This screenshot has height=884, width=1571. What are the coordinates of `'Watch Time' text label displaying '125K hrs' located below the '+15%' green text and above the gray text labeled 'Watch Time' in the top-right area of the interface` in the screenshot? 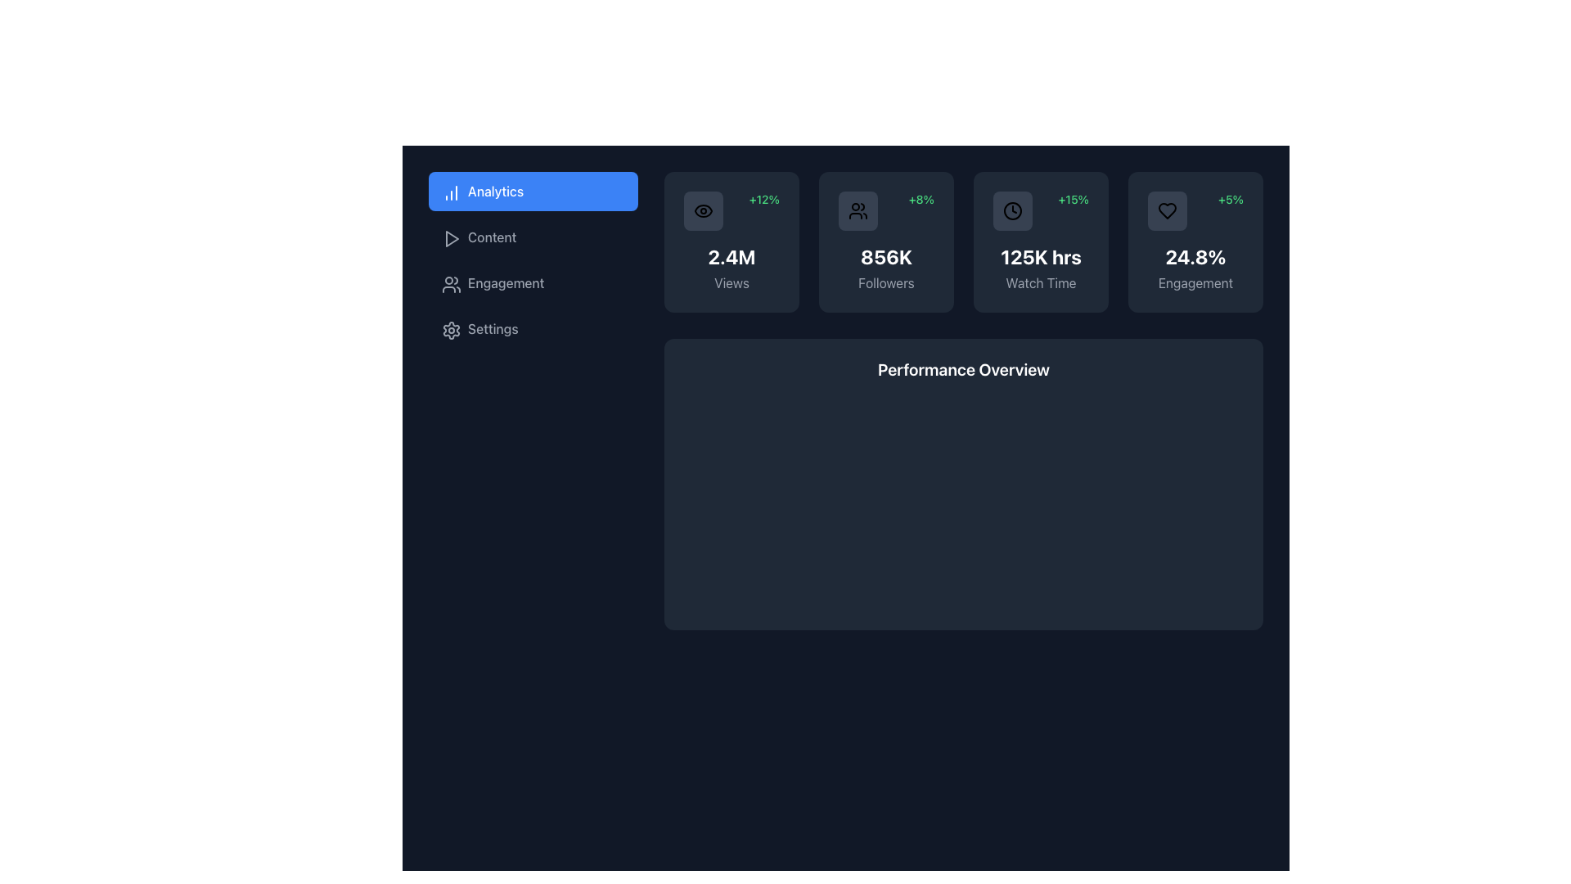 It's located at (1040, 256).